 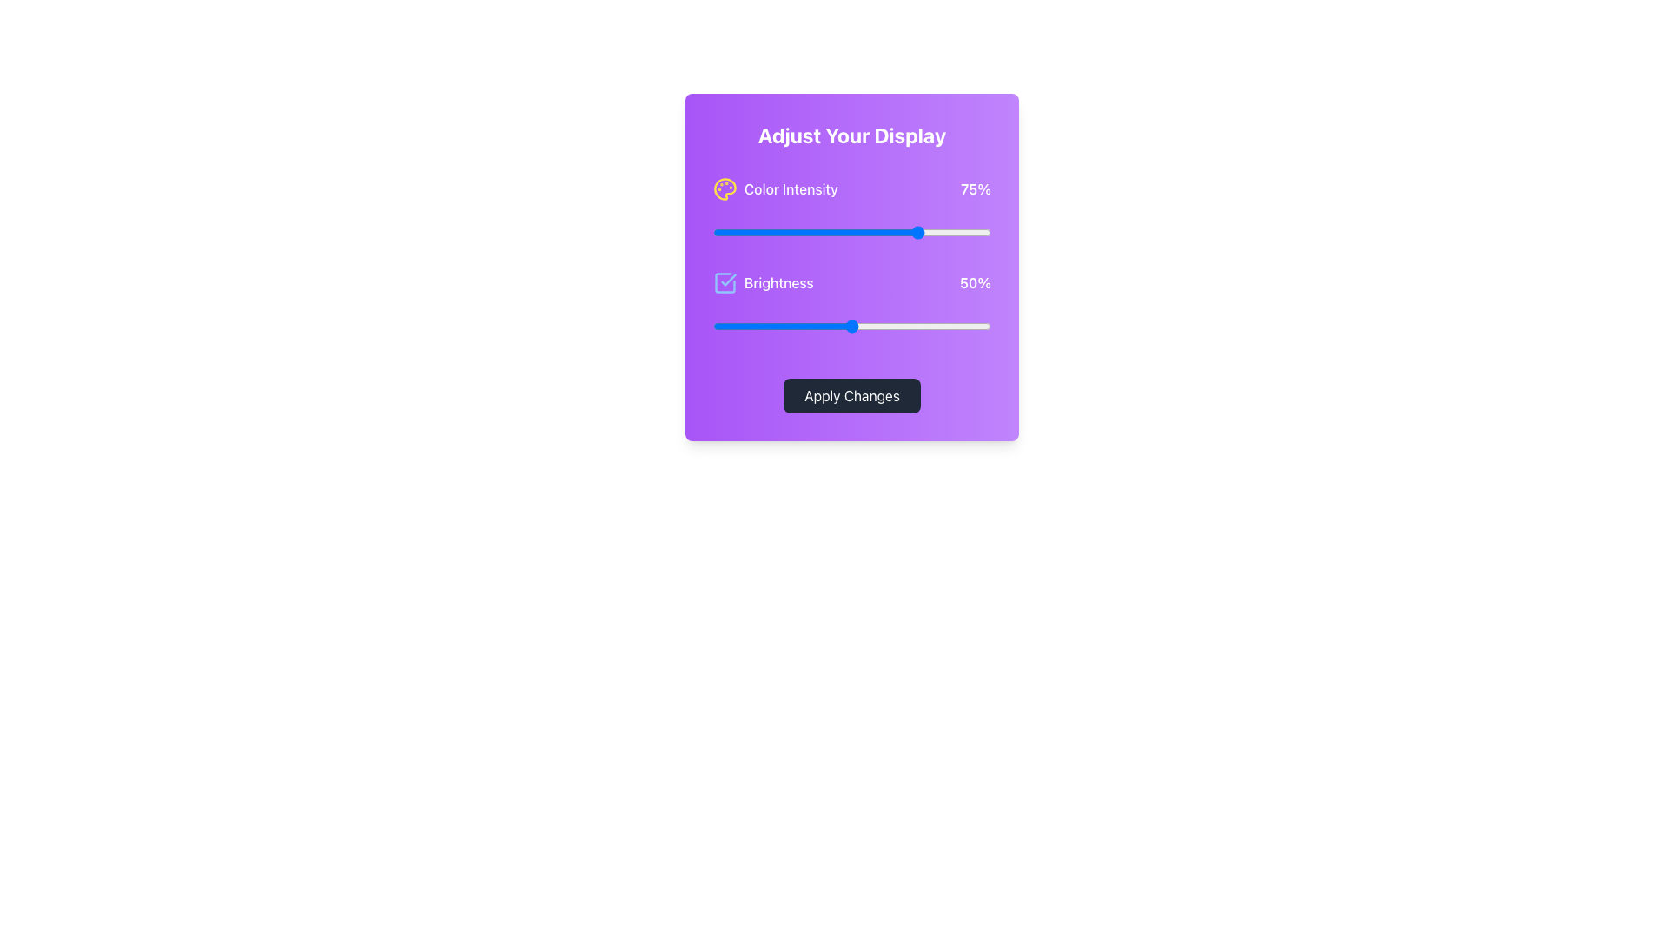 What do you see at coordinates (725, 189) in the screenshot?
I see `the palette icon representing 'Color Intensity' functionality, which is located to the left of the text 'Color Intensity' and before the numeric indicator '75%' in the 'Adjust Your Display' dialog box` at bounding box center [725, 189].